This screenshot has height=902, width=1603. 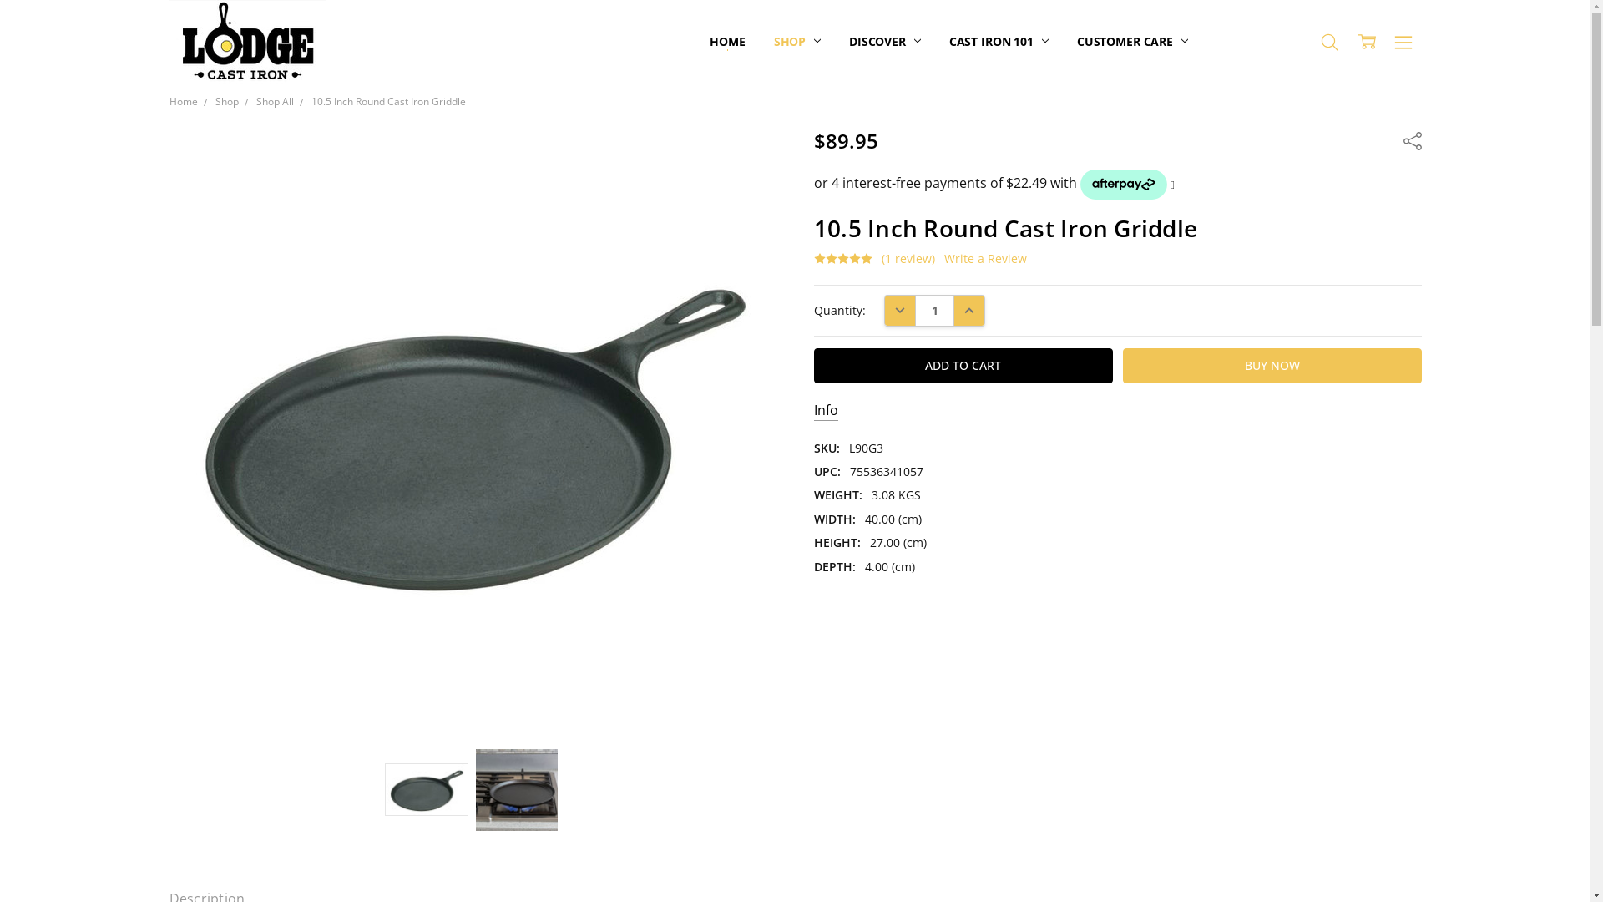 What do you see at coordinates (215, 101) in the screenshot?
I see `'Shop'` at bounding box center [215, 101].